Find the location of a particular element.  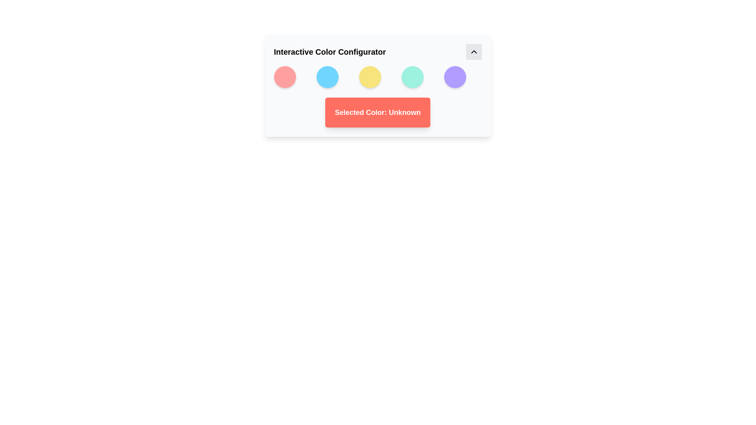

the fourth circular button with a pastel teal background in the row of buttons is located at coordinates (412, 77).